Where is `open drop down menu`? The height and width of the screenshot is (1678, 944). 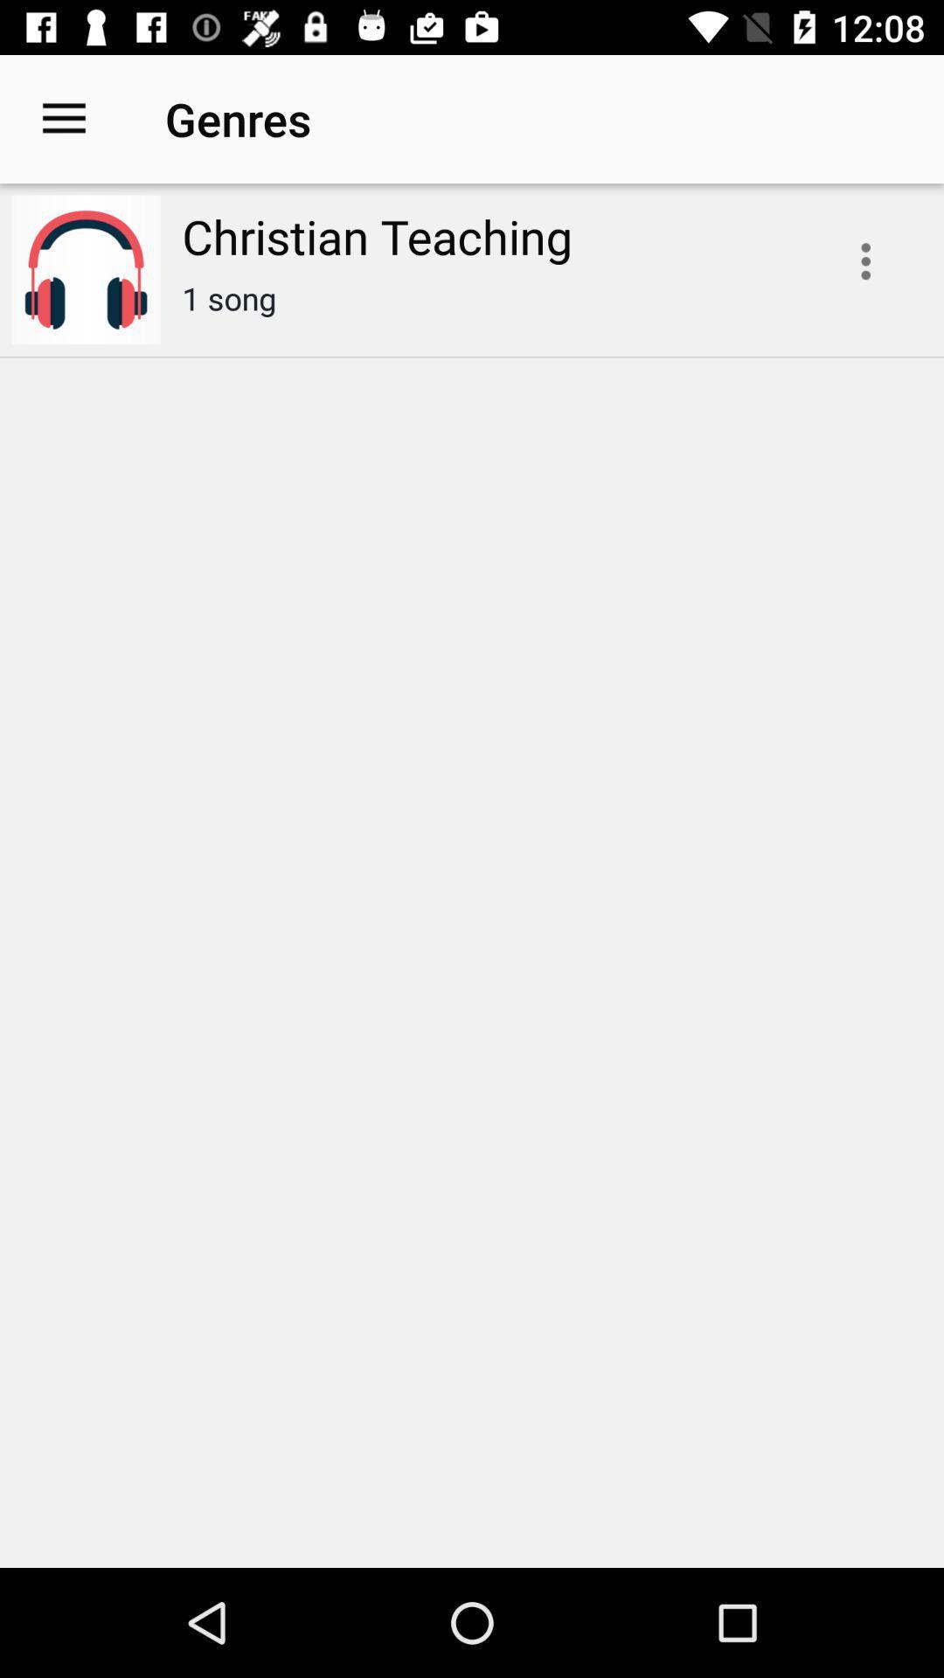
open drop down menu is located at coordinates (865, 260).